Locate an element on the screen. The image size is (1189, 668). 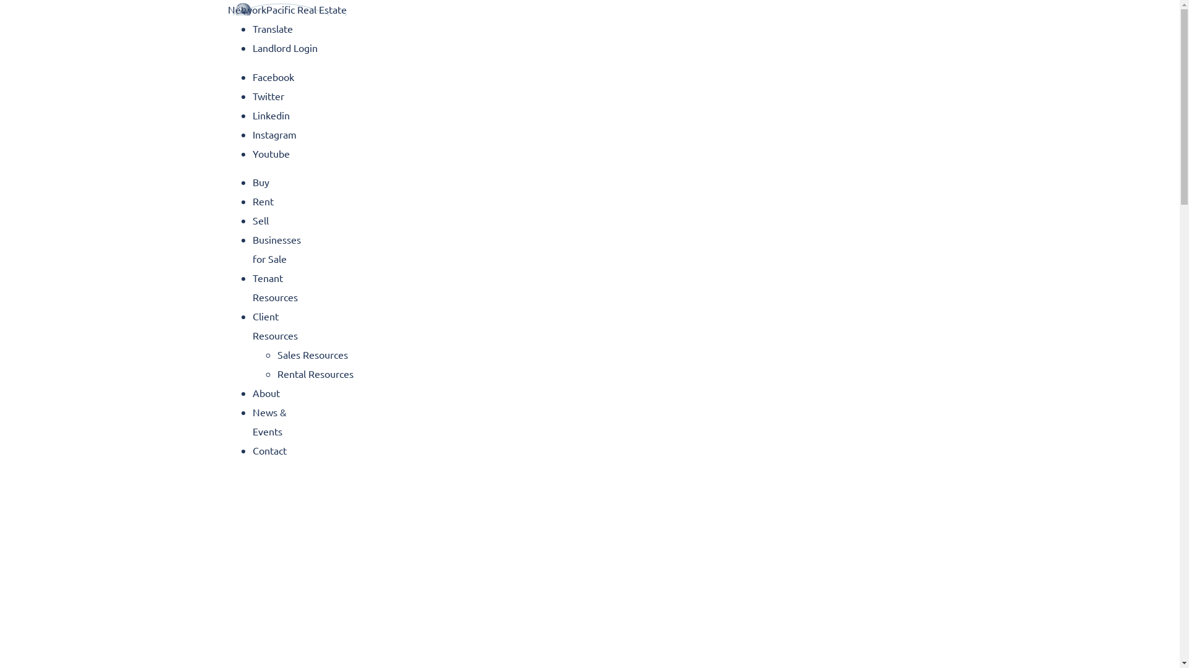
'Youtube' is located at coordinates (270, 152).